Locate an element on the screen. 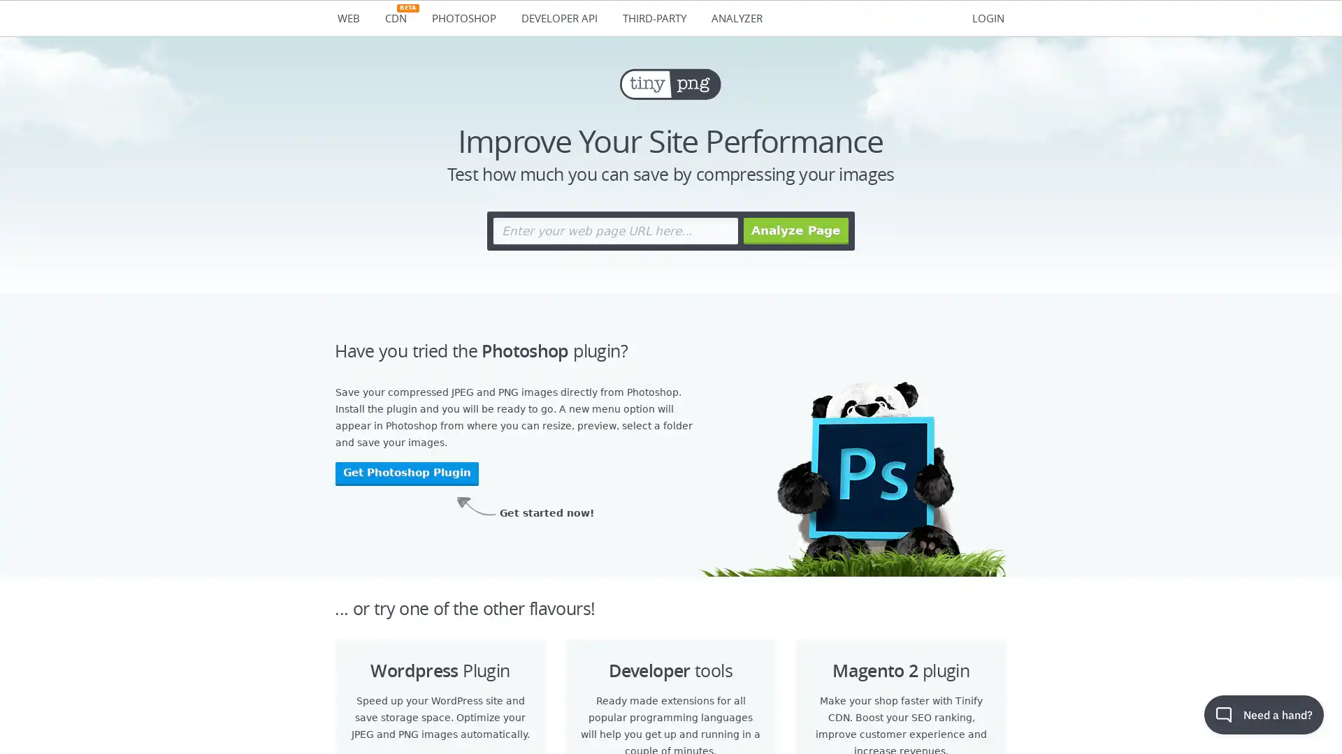 The width and height of the screenshot is (1342, 754). Analyze Page is located at coordinates (795, 230).